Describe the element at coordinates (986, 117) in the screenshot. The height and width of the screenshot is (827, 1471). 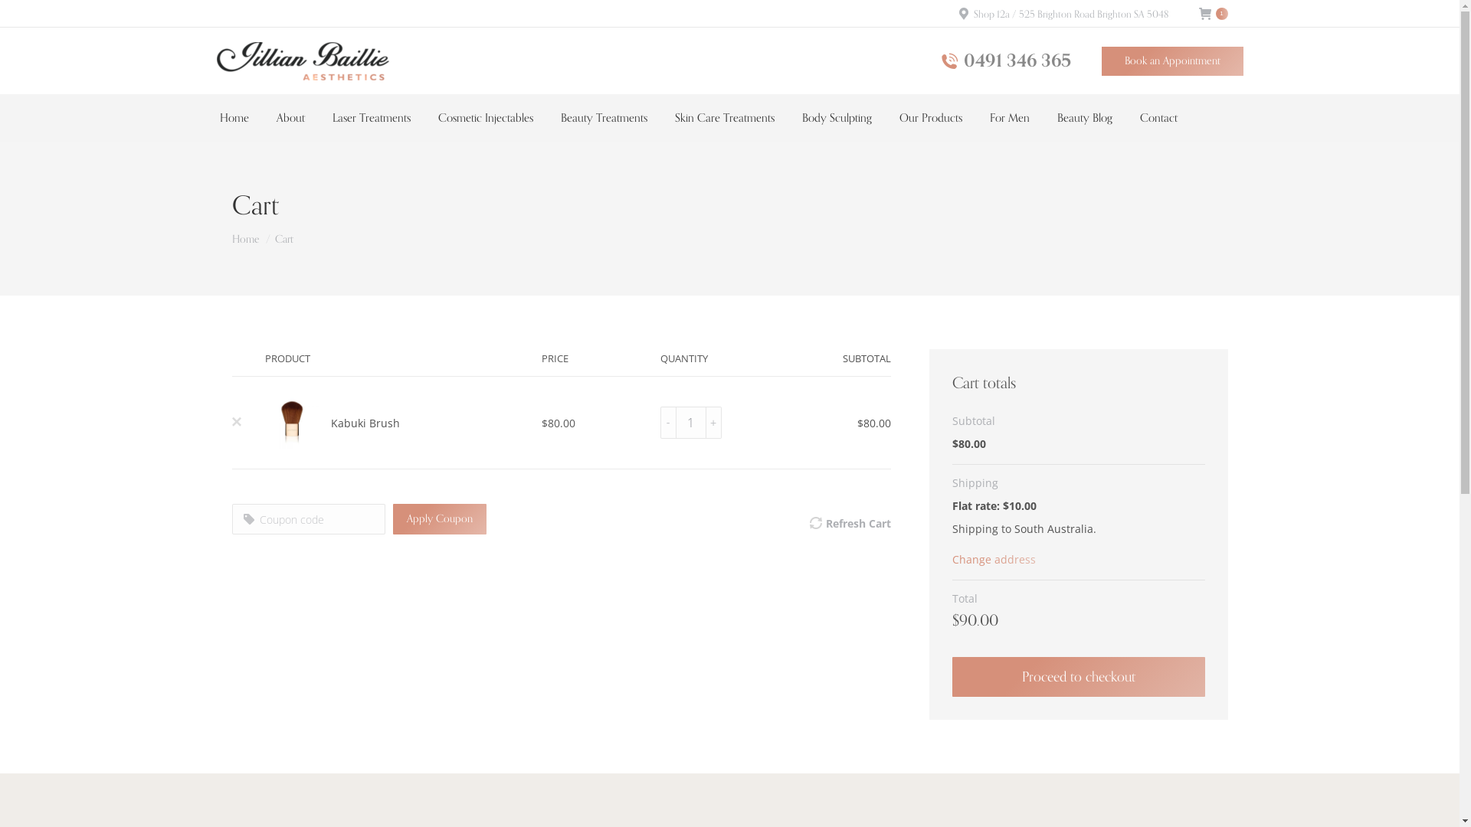
I see `'For Men'` at that location.